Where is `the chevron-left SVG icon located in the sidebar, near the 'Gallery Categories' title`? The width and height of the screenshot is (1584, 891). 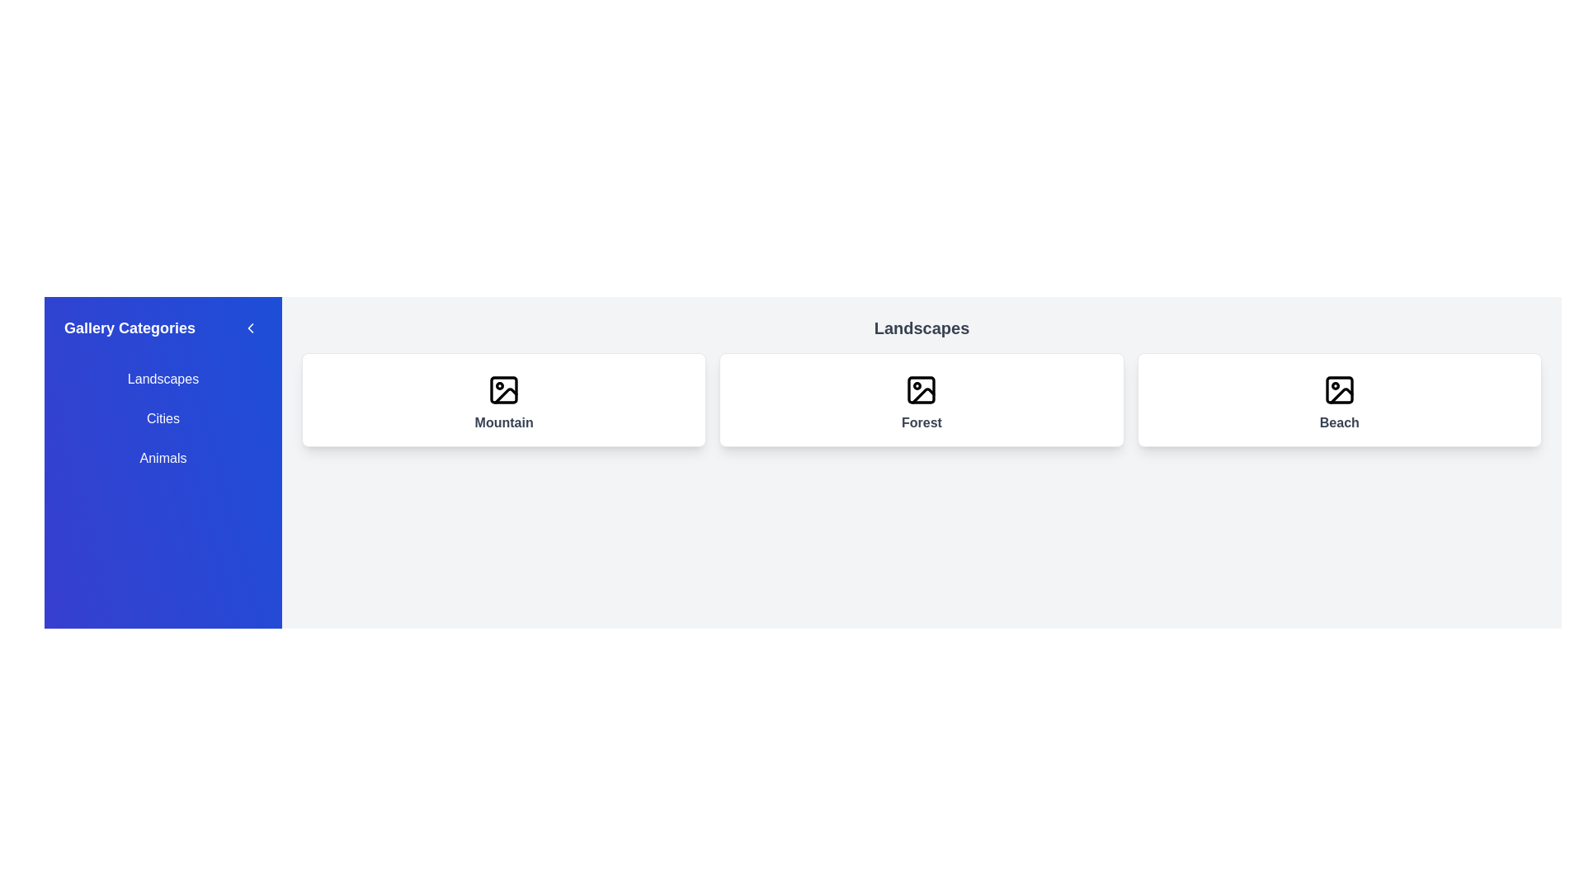
the chevron-left SVG icon located in the sidebar, near the 'Gallery Categories' title is located at coordinates (249, 328).